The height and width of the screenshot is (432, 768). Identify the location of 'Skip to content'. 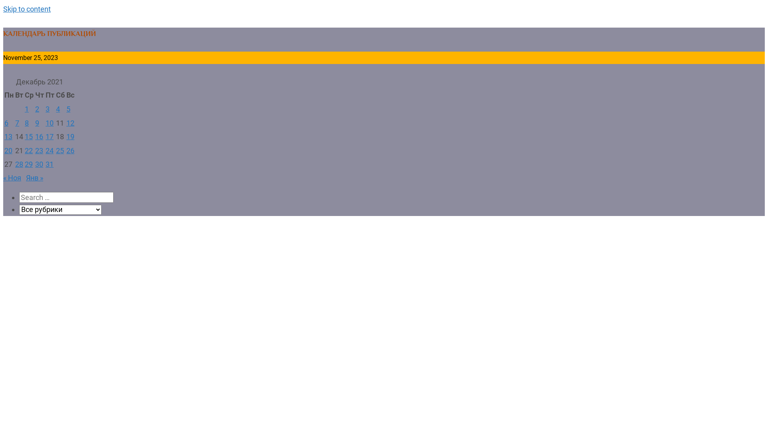
(27, 9).